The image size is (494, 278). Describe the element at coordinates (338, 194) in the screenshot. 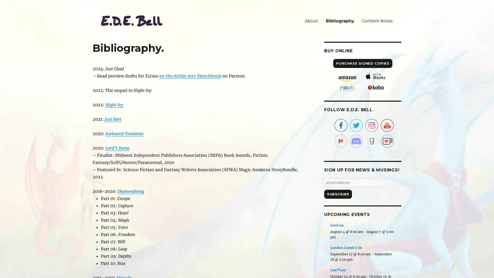

I see `Subscribe` at that location.